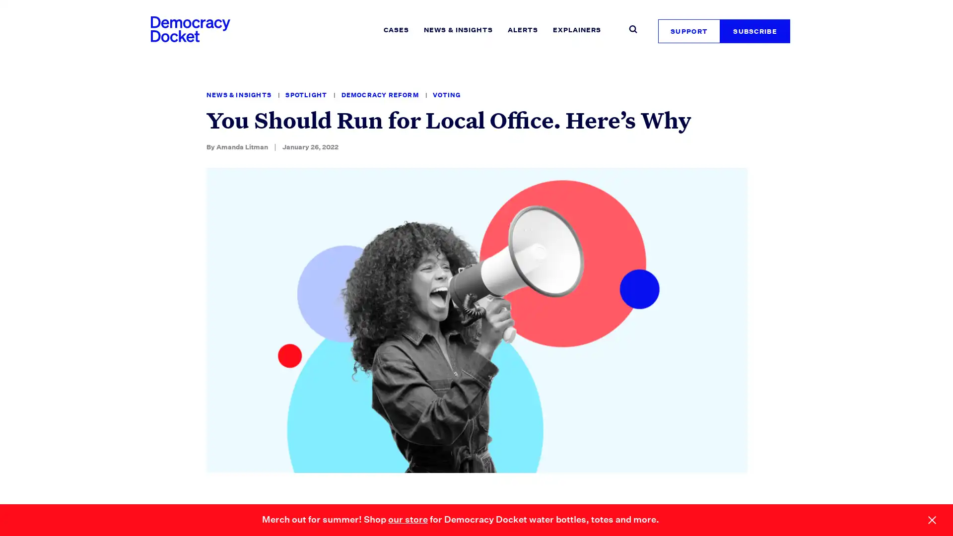  I want to click on CLOSE, so click(931, 520).